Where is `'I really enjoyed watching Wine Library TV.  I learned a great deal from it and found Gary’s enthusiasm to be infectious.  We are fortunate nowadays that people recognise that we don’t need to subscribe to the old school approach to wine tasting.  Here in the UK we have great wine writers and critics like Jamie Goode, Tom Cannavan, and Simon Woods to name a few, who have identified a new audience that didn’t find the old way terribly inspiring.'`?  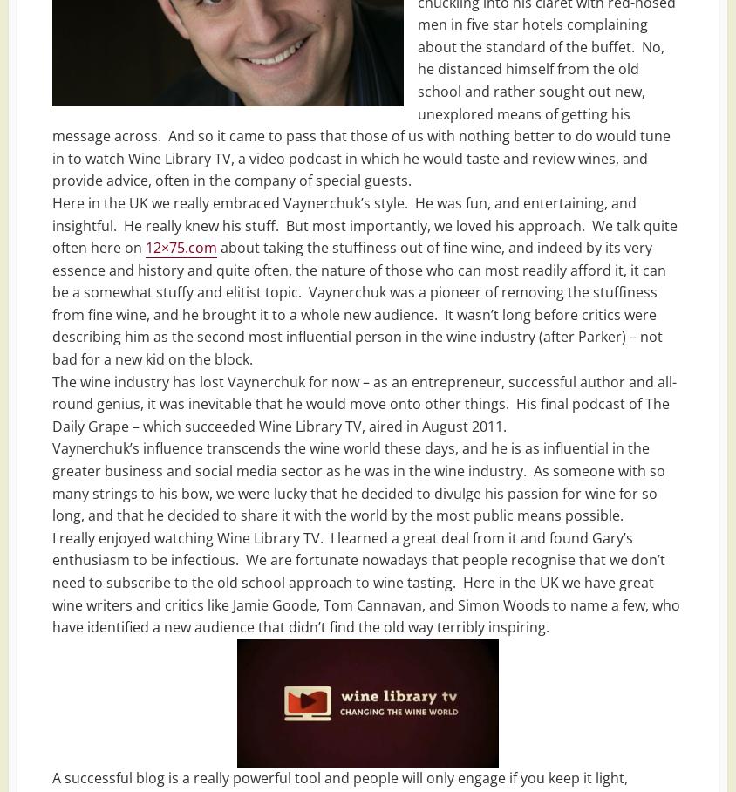 'I really enjoyed watching Wine Library TV.  I learned a great deal from it and found Gary’s enthusiasm to be infectious.  We are fortunate nowadays that people recognise that we don’t need to subscribe to the old school approach to wine tasting.  Here in the UK we have great wine writers and critics like Jamie Goode, Tom Cannavan, and Simon Woods to name a few, who have identified a new audience that didn’t find the old way terribly inspiring.' is located at coordinates (51, 582).